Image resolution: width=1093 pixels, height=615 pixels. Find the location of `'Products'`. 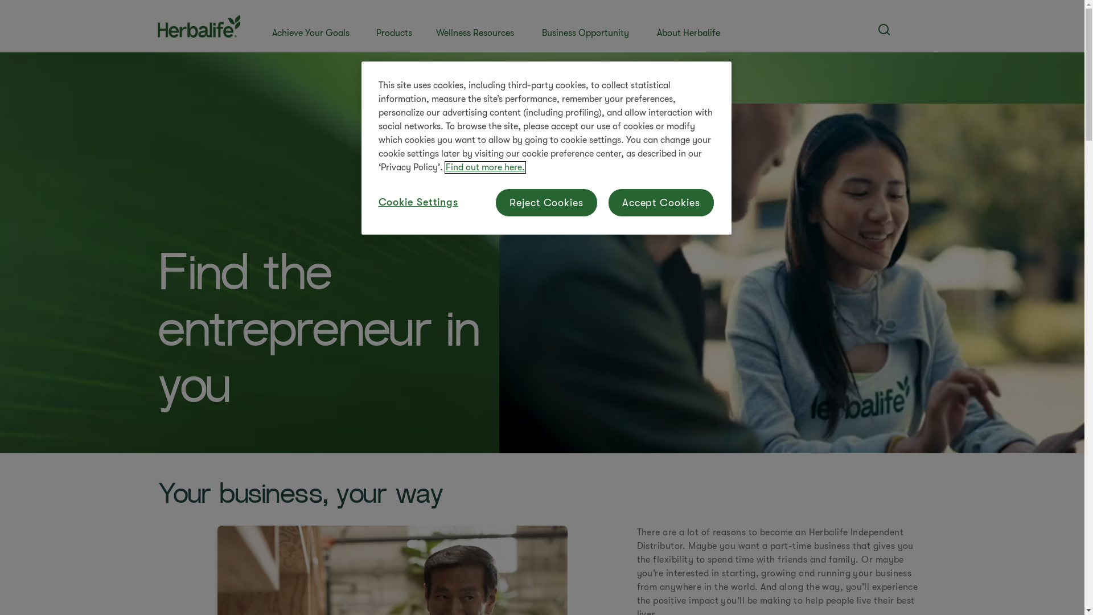

'Products' is located at coordinates (395, 26).